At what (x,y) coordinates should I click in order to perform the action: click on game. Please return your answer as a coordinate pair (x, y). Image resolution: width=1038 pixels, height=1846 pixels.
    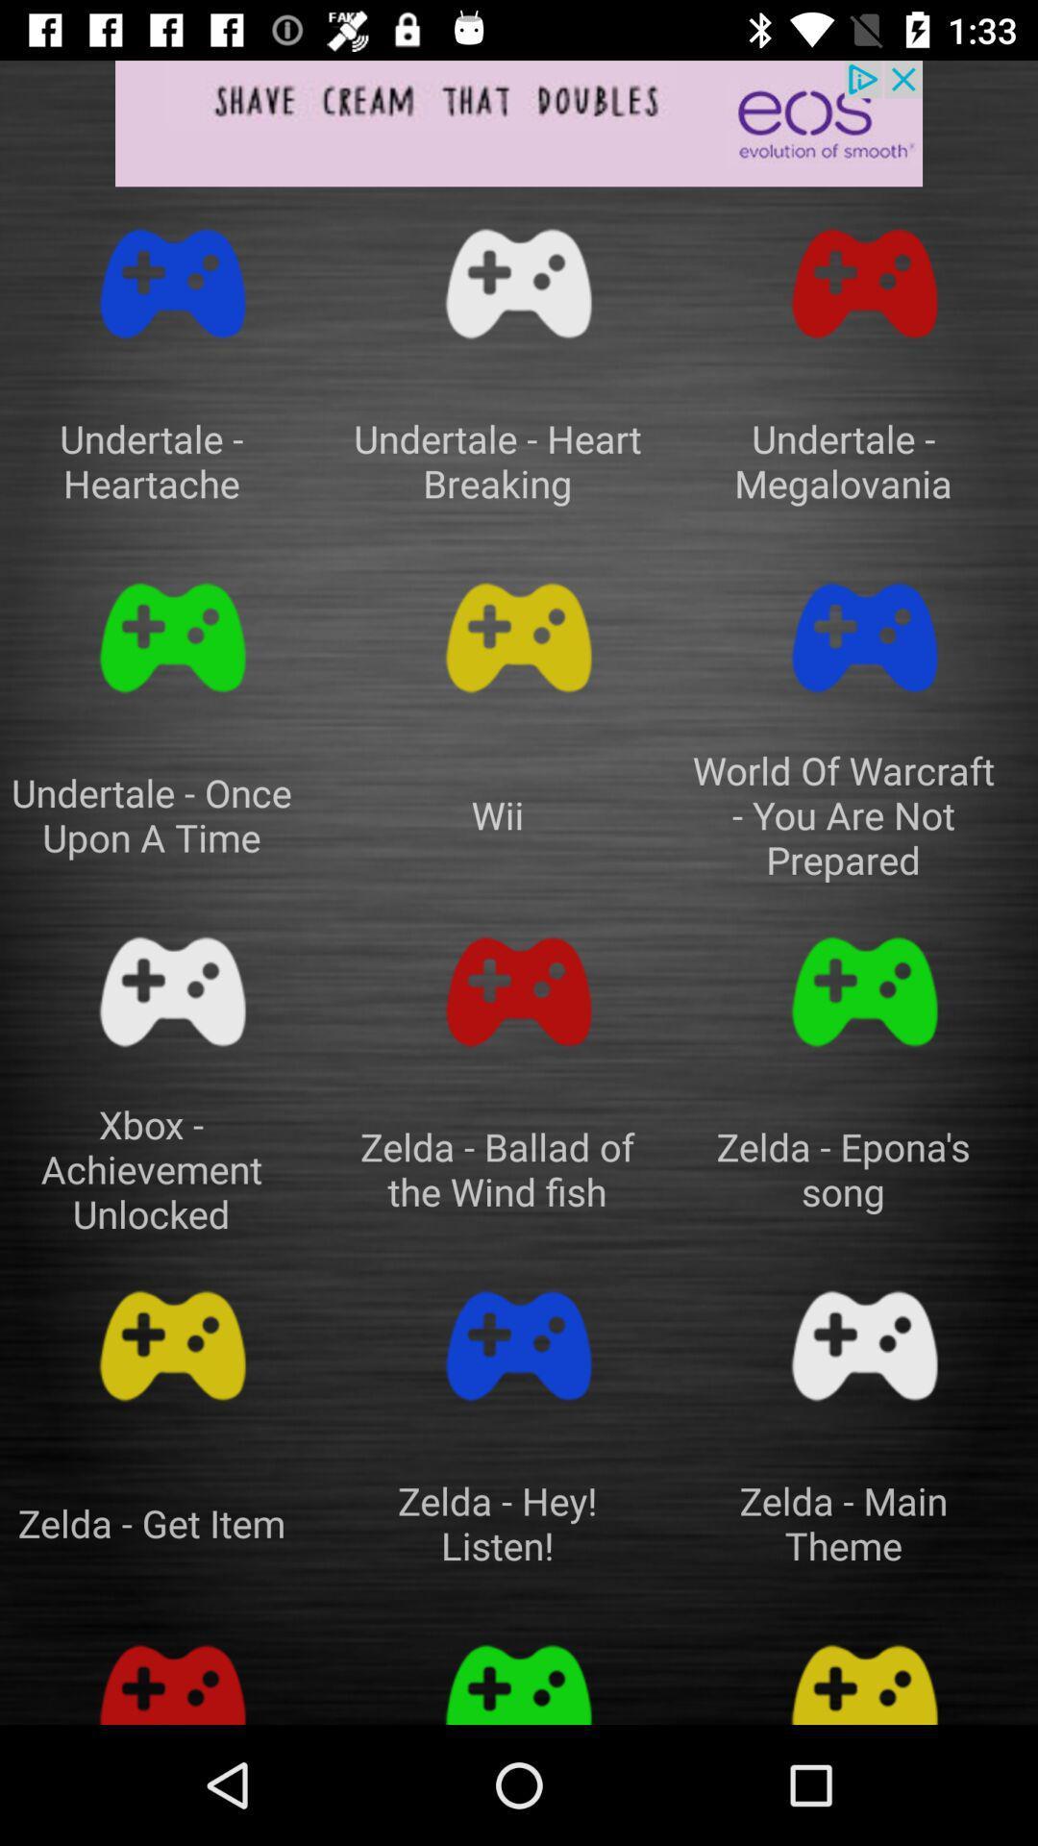
    Looking at the image, I should click on (519, 637).